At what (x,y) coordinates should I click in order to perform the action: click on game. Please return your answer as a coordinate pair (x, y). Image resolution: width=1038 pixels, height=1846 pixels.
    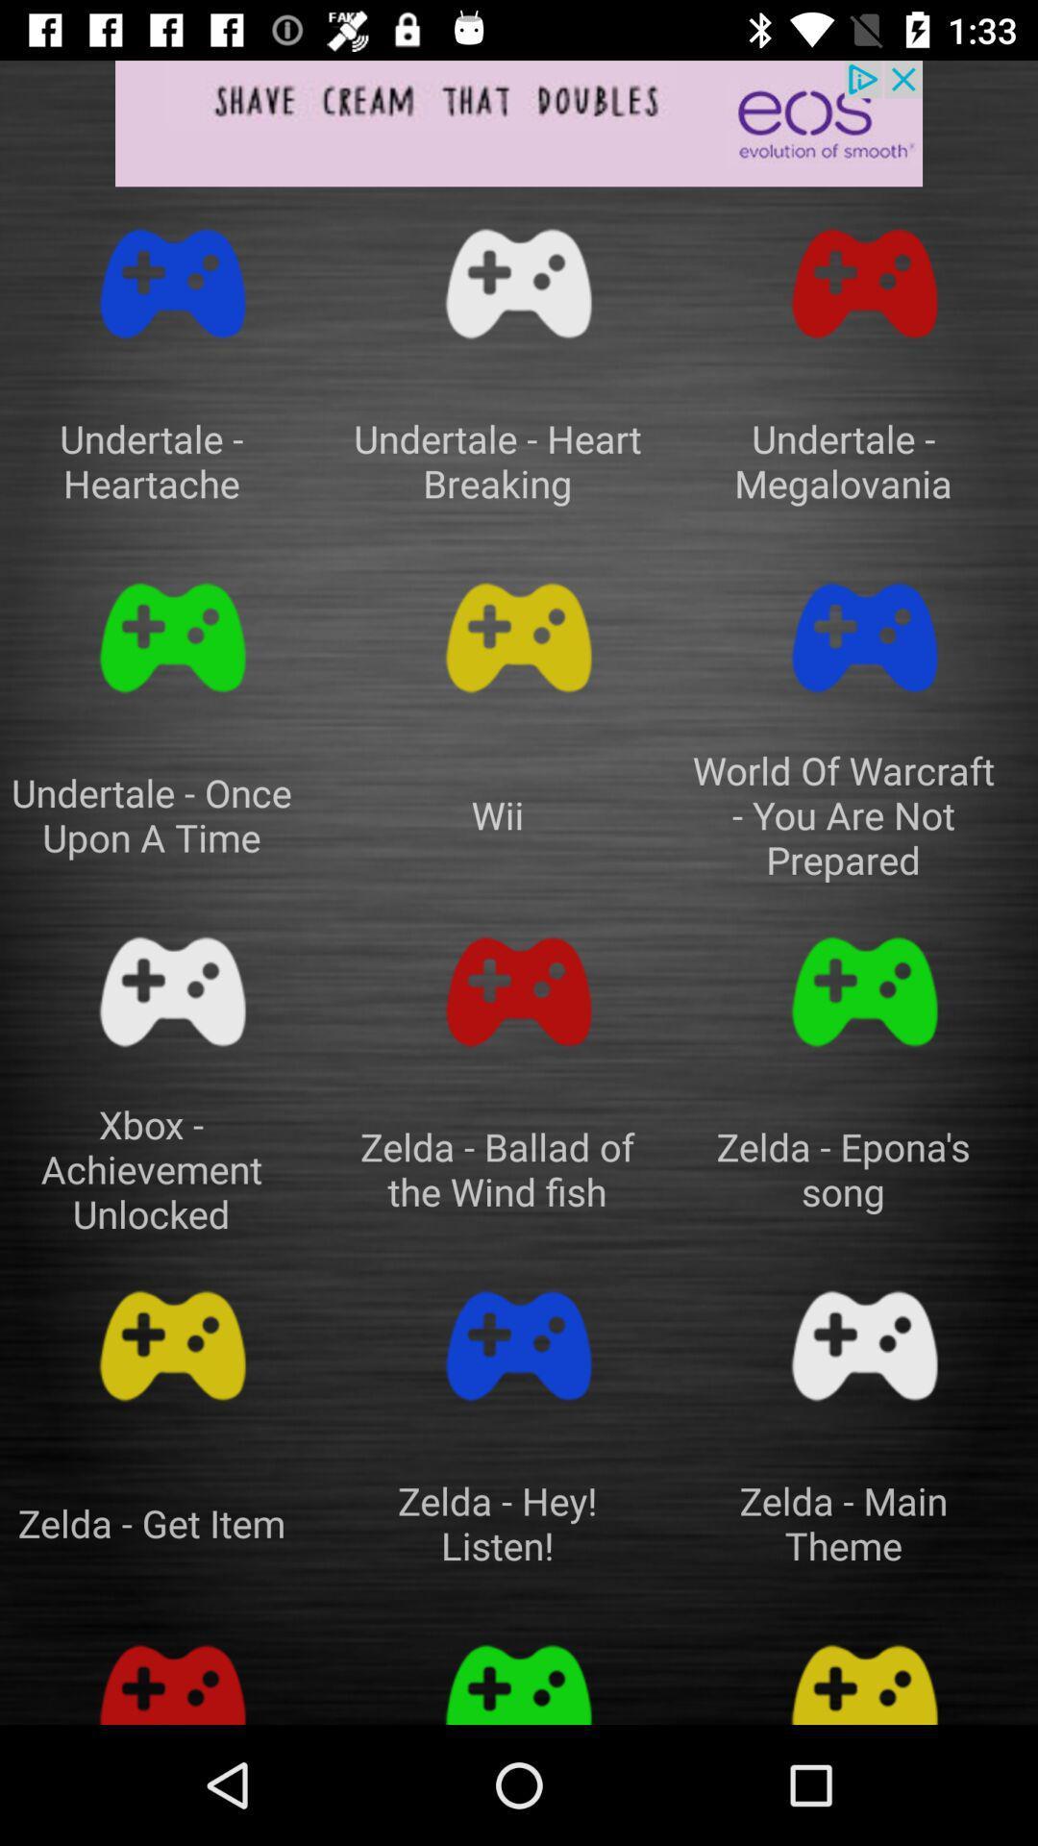
    Looking at the image, I should click on (519, 637).